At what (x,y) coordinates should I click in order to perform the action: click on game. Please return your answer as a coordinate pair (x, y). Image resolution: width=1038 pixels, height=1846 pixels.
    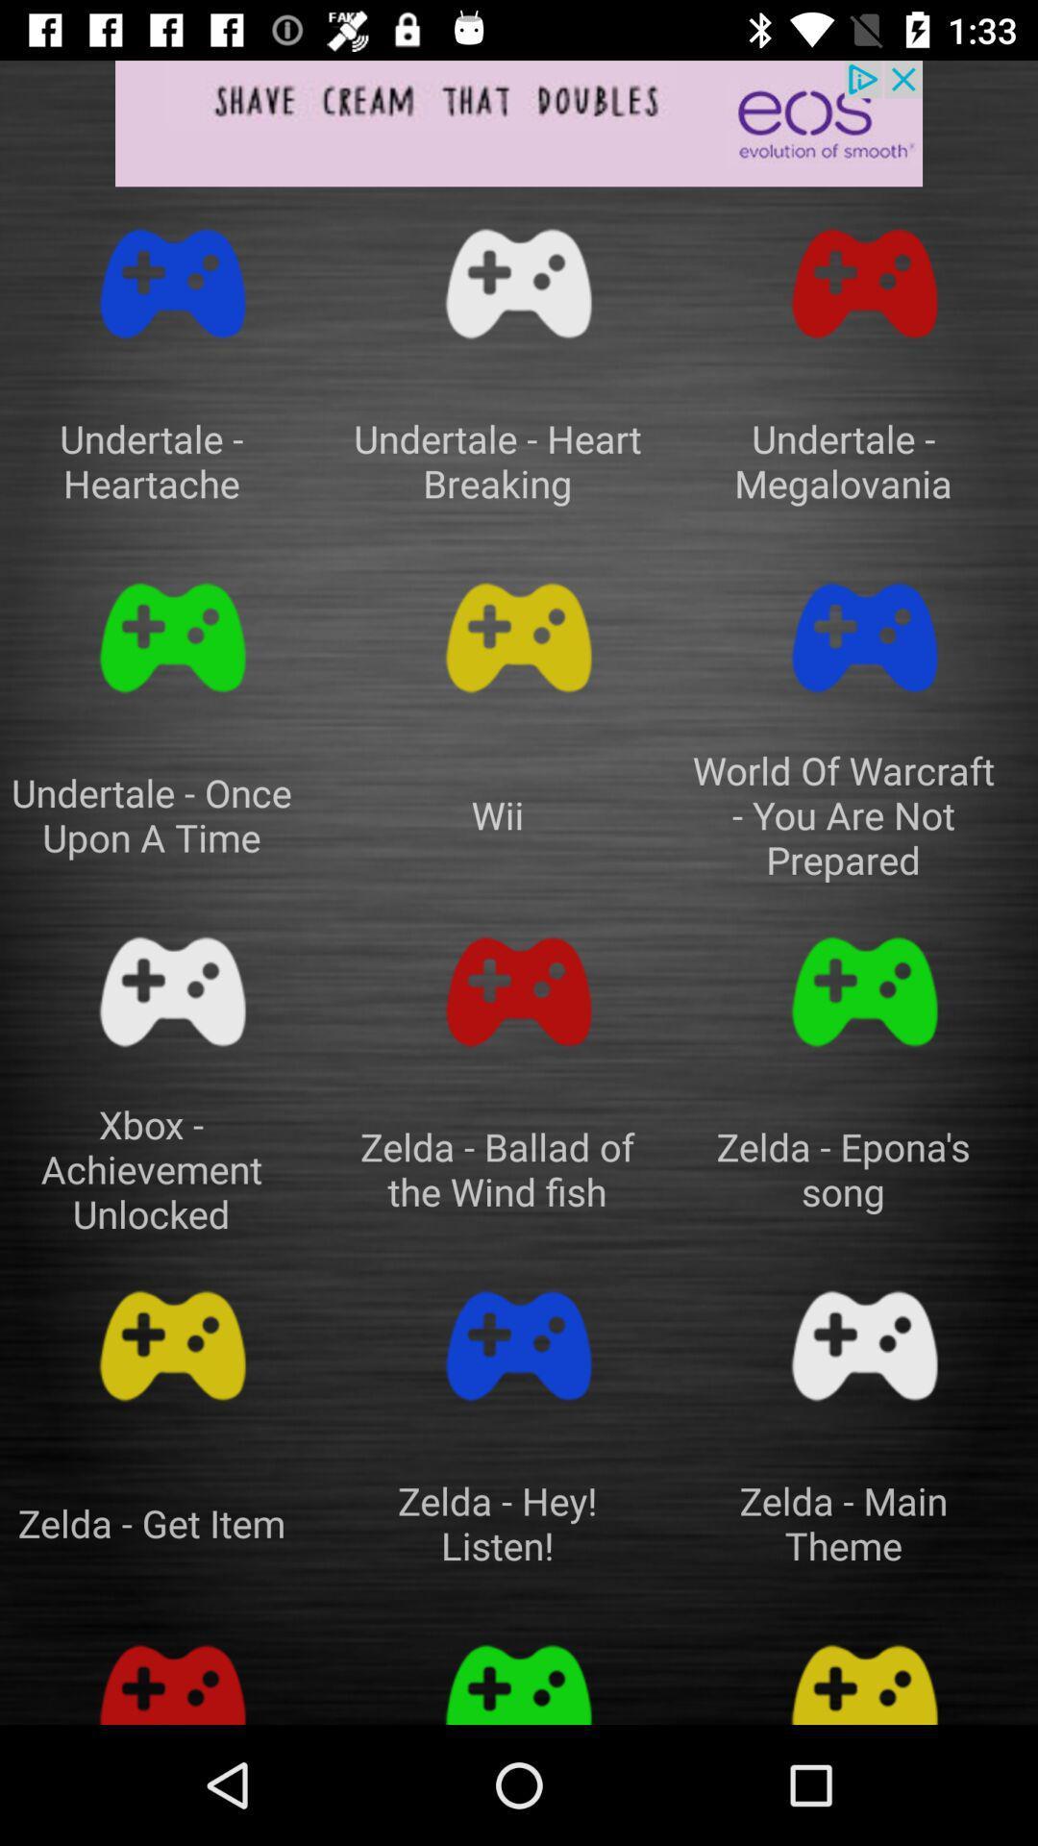
    Looking at the image, I should click on (519, 637).